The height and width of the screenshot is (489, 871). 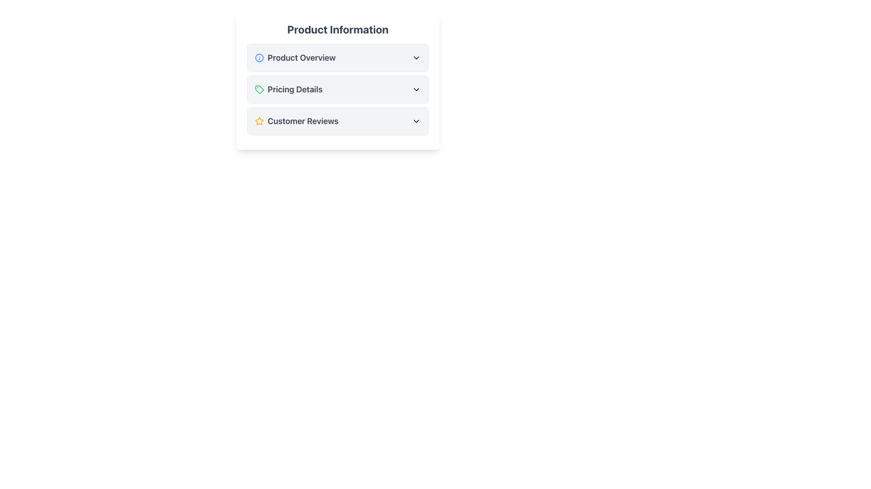 What do you see at coordinates (416, 120) in the screenshot?
I see `the rightmost icon in the 'Customer Reviews' section` at bounding box center [416, 120].